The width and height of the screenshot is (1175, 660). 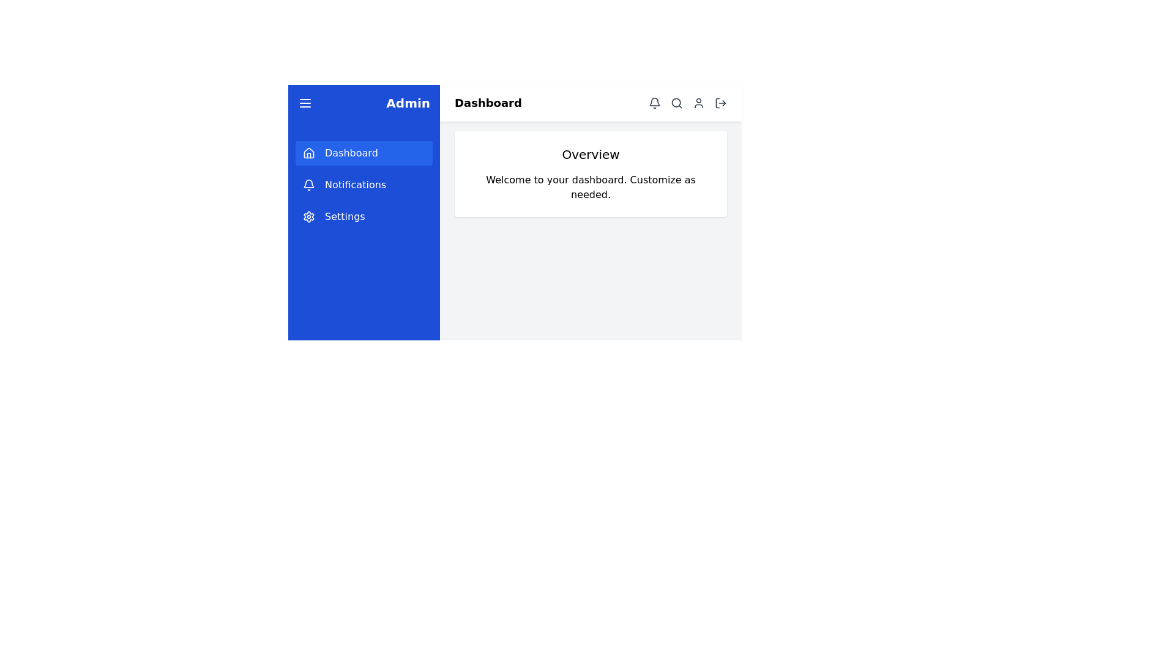 I want to click on the top part of the bell icon located in the top-right corner of the interface, which serves as a notification indicator, so click(x=654, y=101).